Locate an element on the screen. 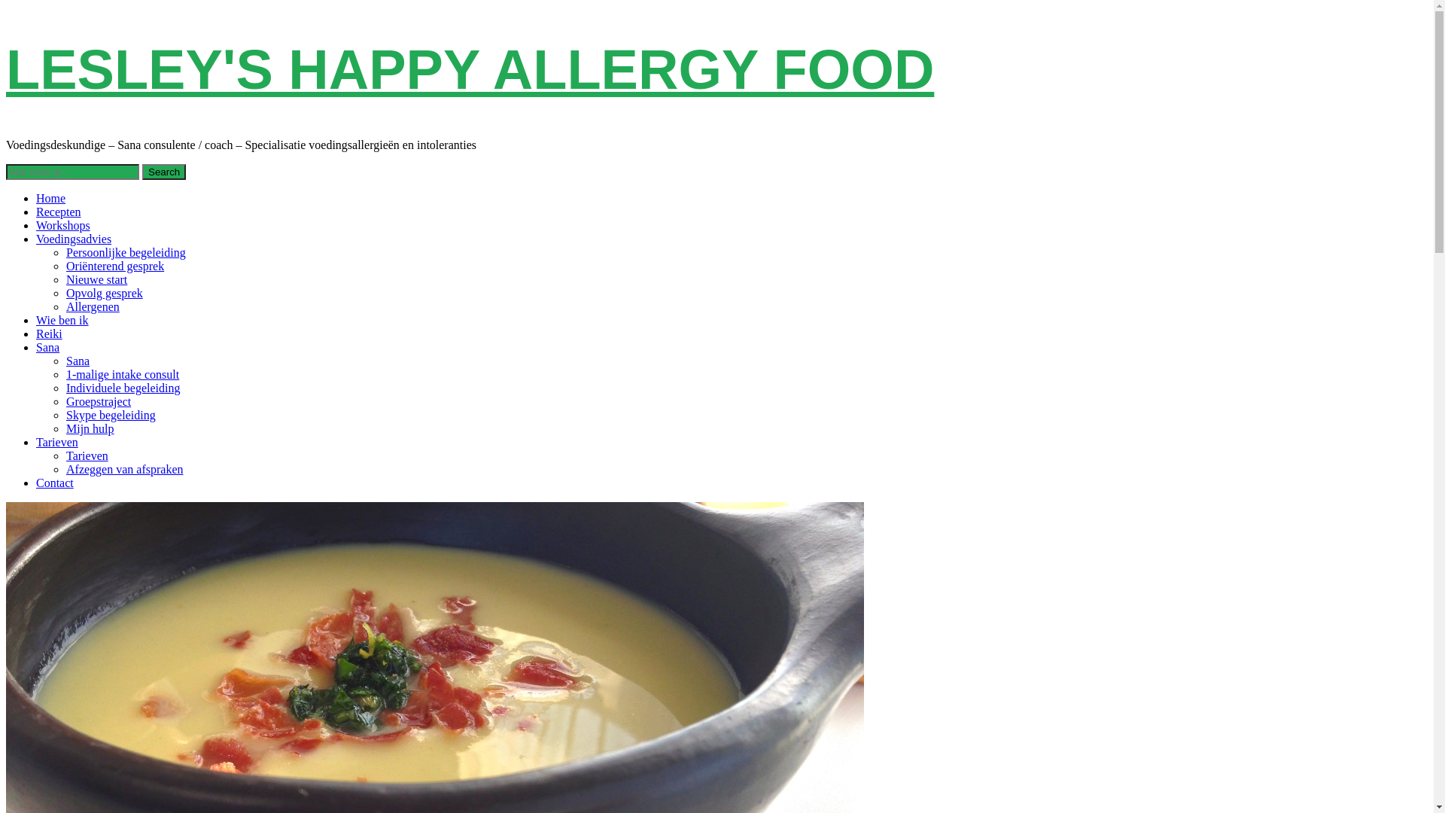 The width and height of the screenshot is (1445, 813). 'Opvolg gesprek' is located at coordinates (65, 293).